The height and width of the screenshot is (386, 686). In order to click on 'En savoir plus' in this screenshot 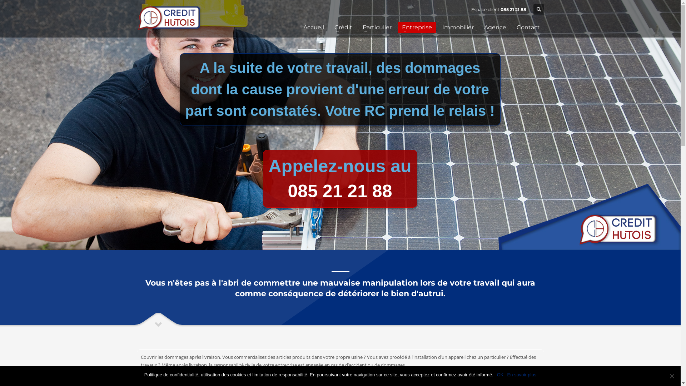, I will do `click(522, 375)`.